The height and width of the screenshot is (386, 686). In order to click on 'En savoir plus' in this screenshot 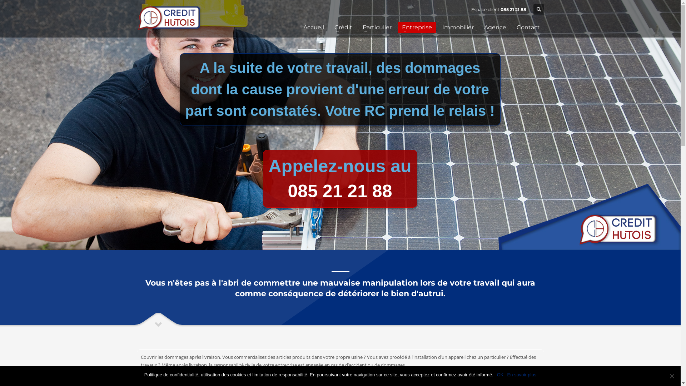, I will do `click(522, 375)`.